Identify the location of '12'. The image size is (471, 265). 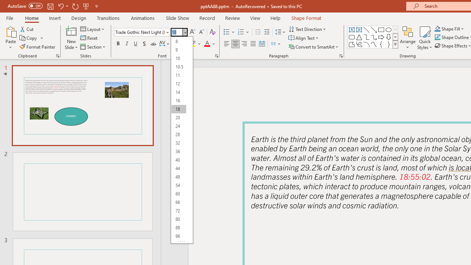
(178, 83).